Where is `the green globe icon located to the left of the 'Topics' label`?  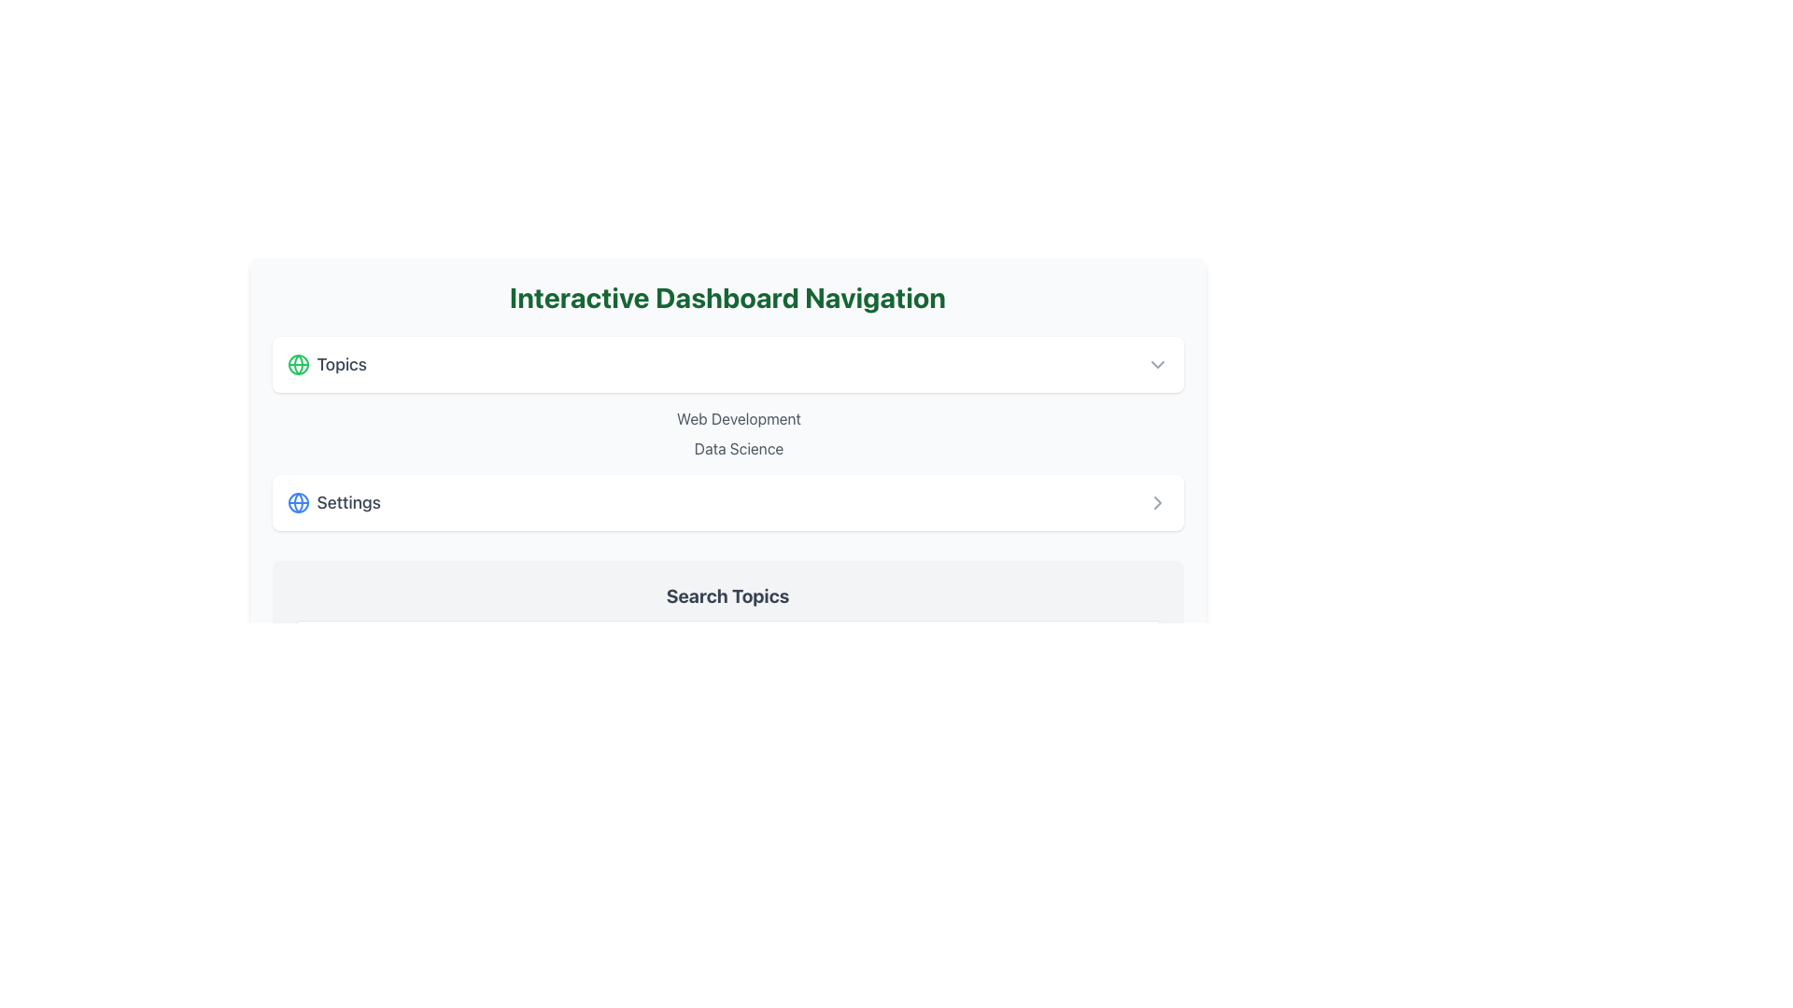 the green globe icon located to the left of the 'Topics' label is located at coordinates (297, 364).